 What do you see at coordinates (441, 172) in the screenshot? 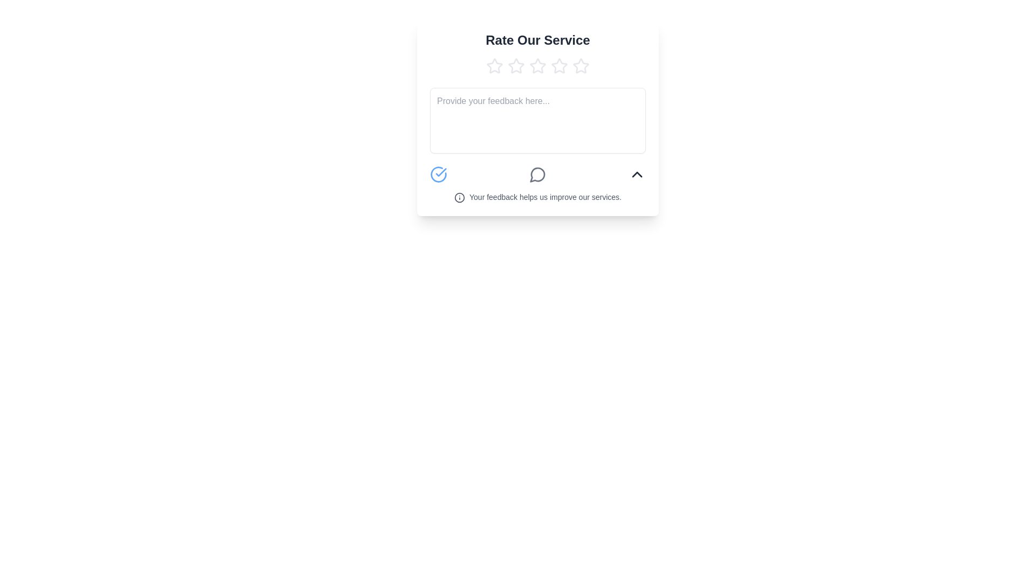
I see `the checkmark icon located to the left of the text 'Your feedback helps us improve our services.' inside a circular icon at the bottom-left of the card component` at bounding box center [441, 172].